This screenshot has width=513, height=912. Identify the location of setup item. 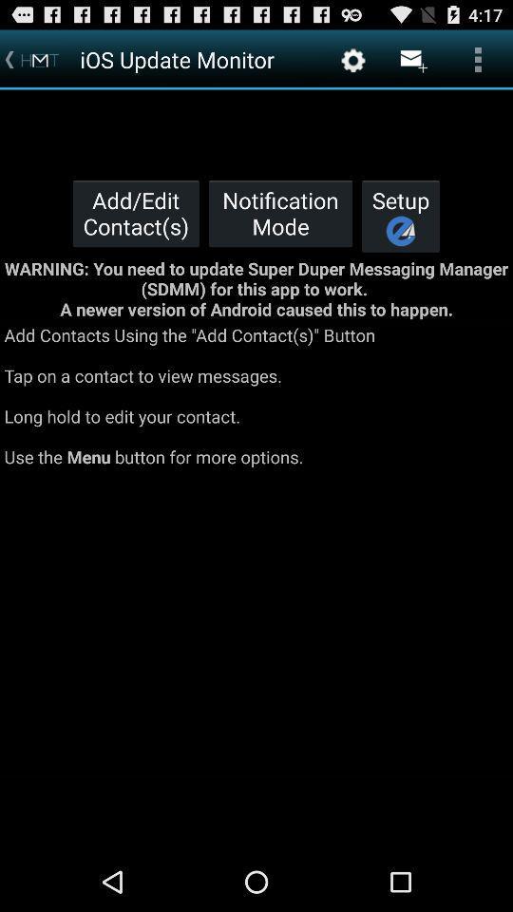
(400, 216).